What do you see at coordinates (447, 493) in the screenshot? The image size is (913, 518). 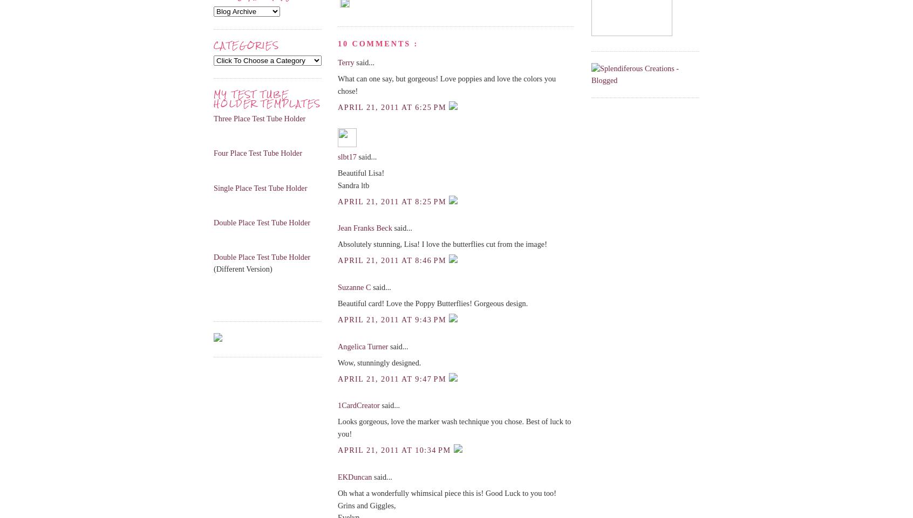 I see `'Oh what a wonderfully whimsical piece this is!  Good Luck to you too!'` at bounding box center [447, 493].